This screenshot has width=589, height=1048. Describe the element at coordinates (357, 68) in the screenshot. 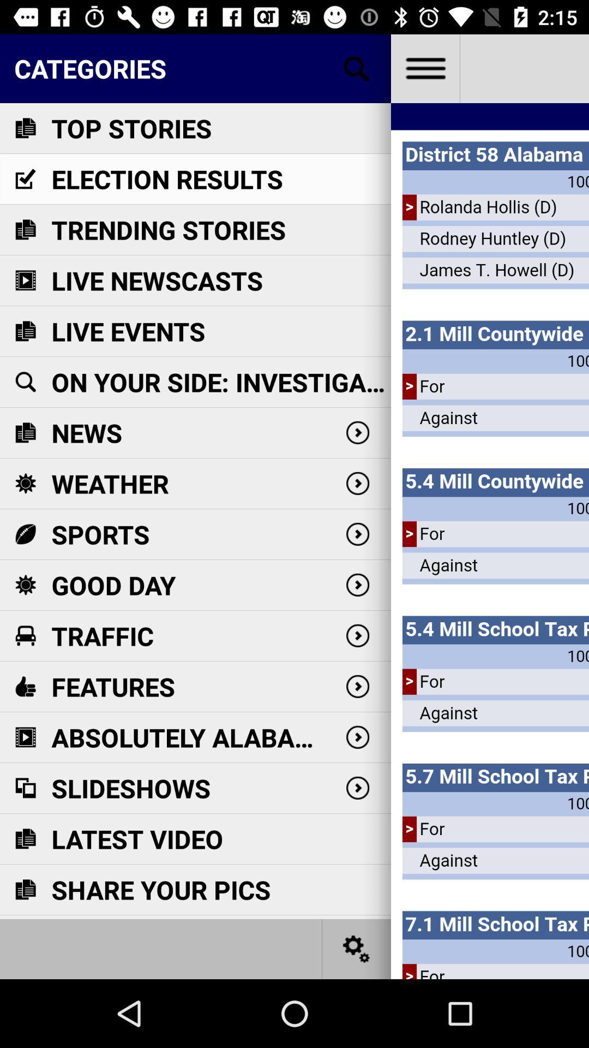

I see `show list of categories` at that location.